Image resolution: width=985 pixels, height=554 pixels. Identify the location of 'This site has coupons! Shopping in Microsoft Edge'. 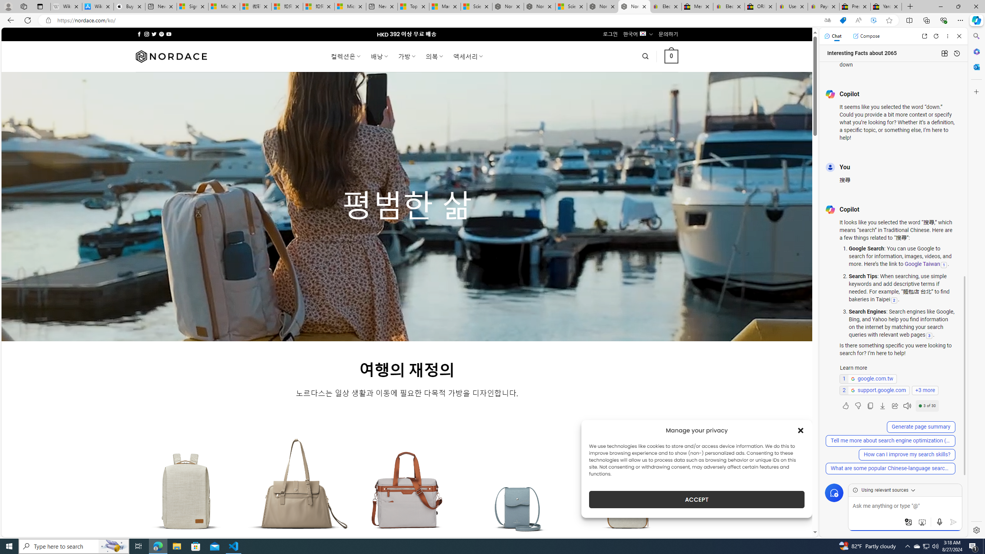
(843, 20).